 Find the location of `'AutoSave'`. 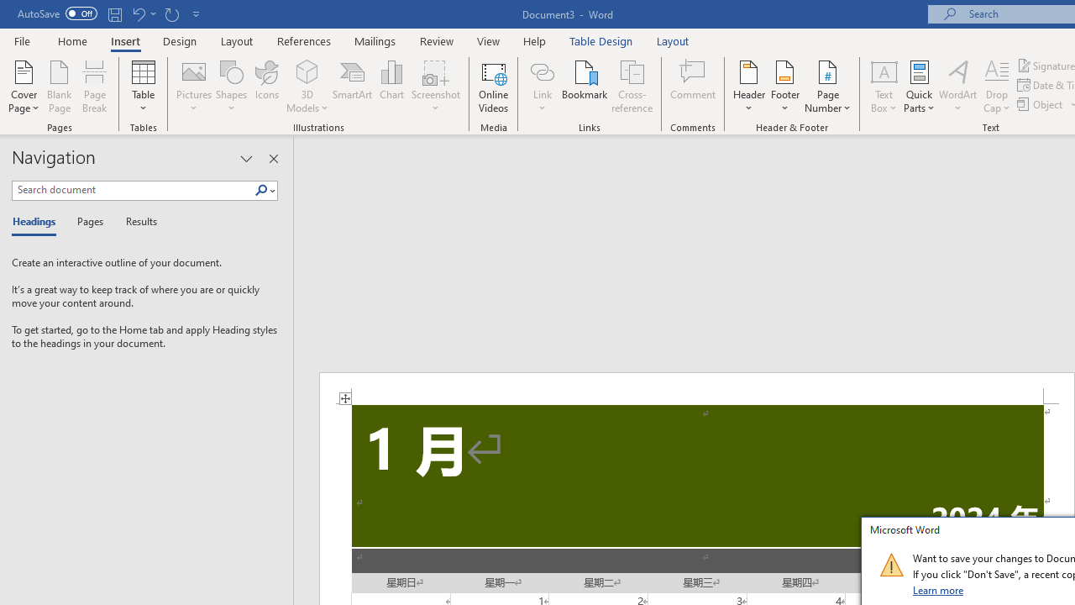

'AutoSave' is located at coordinates (57, 13).